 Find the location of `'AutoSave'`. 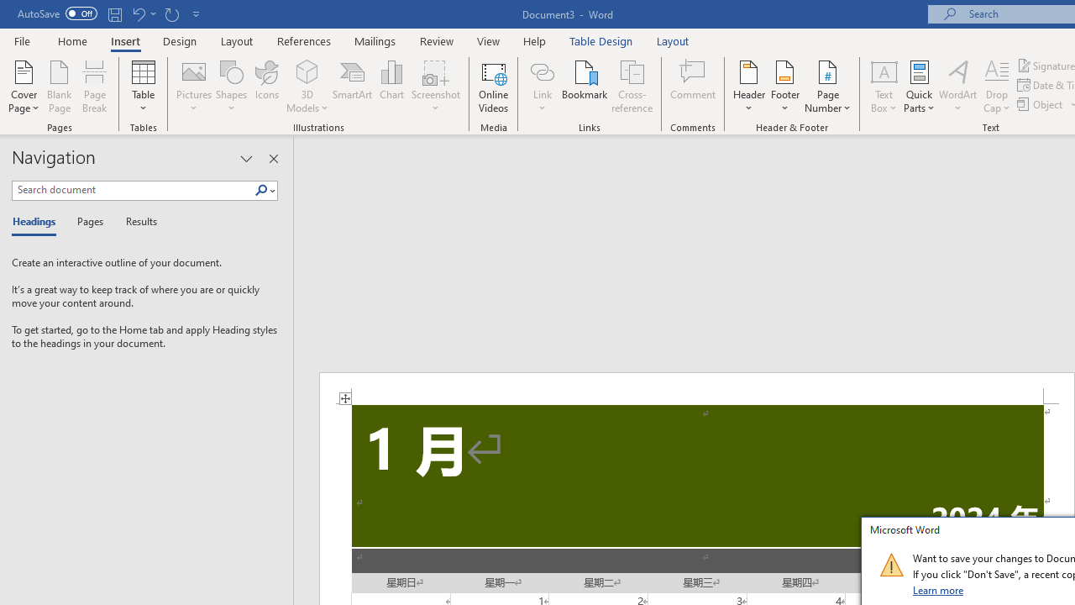

'AutoSave' is located at coordinates (57, 13).